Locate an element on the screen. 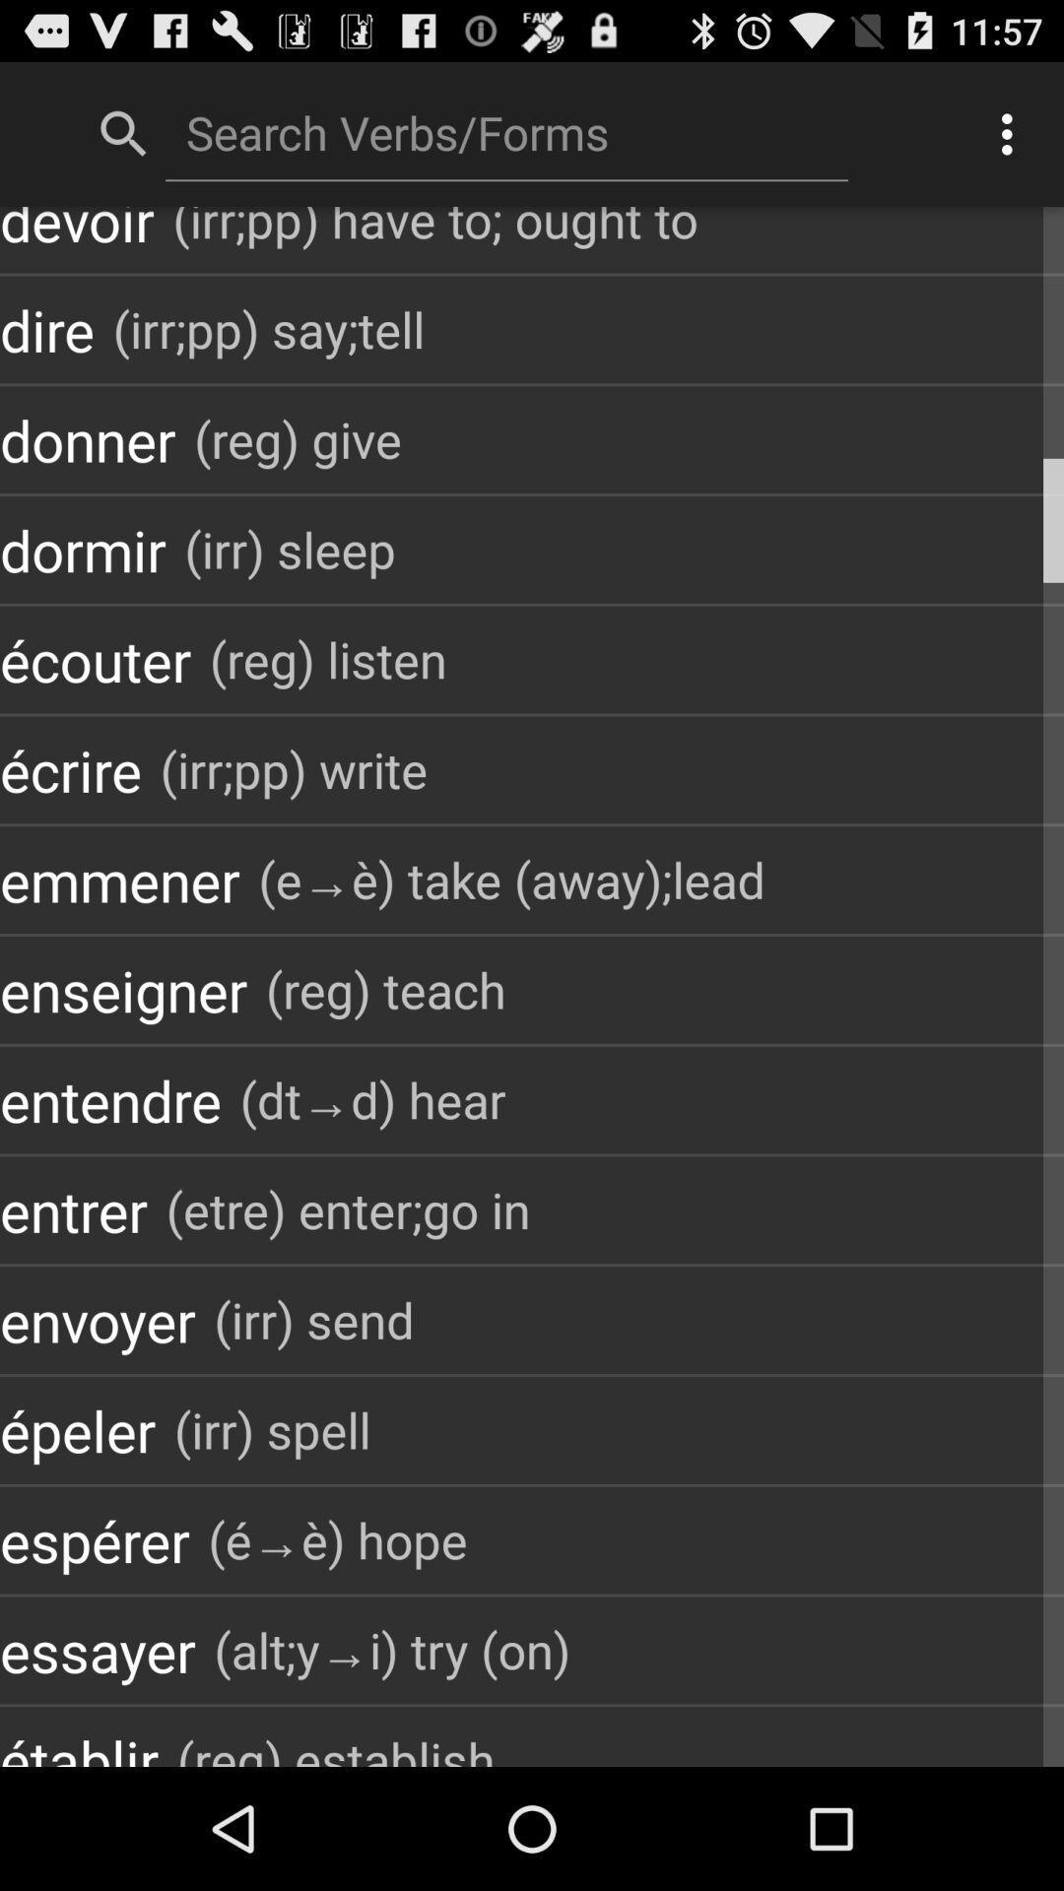 This screenshot has width=1064, height=1891. the app above the donner icon is located at coordinates (45, 329).